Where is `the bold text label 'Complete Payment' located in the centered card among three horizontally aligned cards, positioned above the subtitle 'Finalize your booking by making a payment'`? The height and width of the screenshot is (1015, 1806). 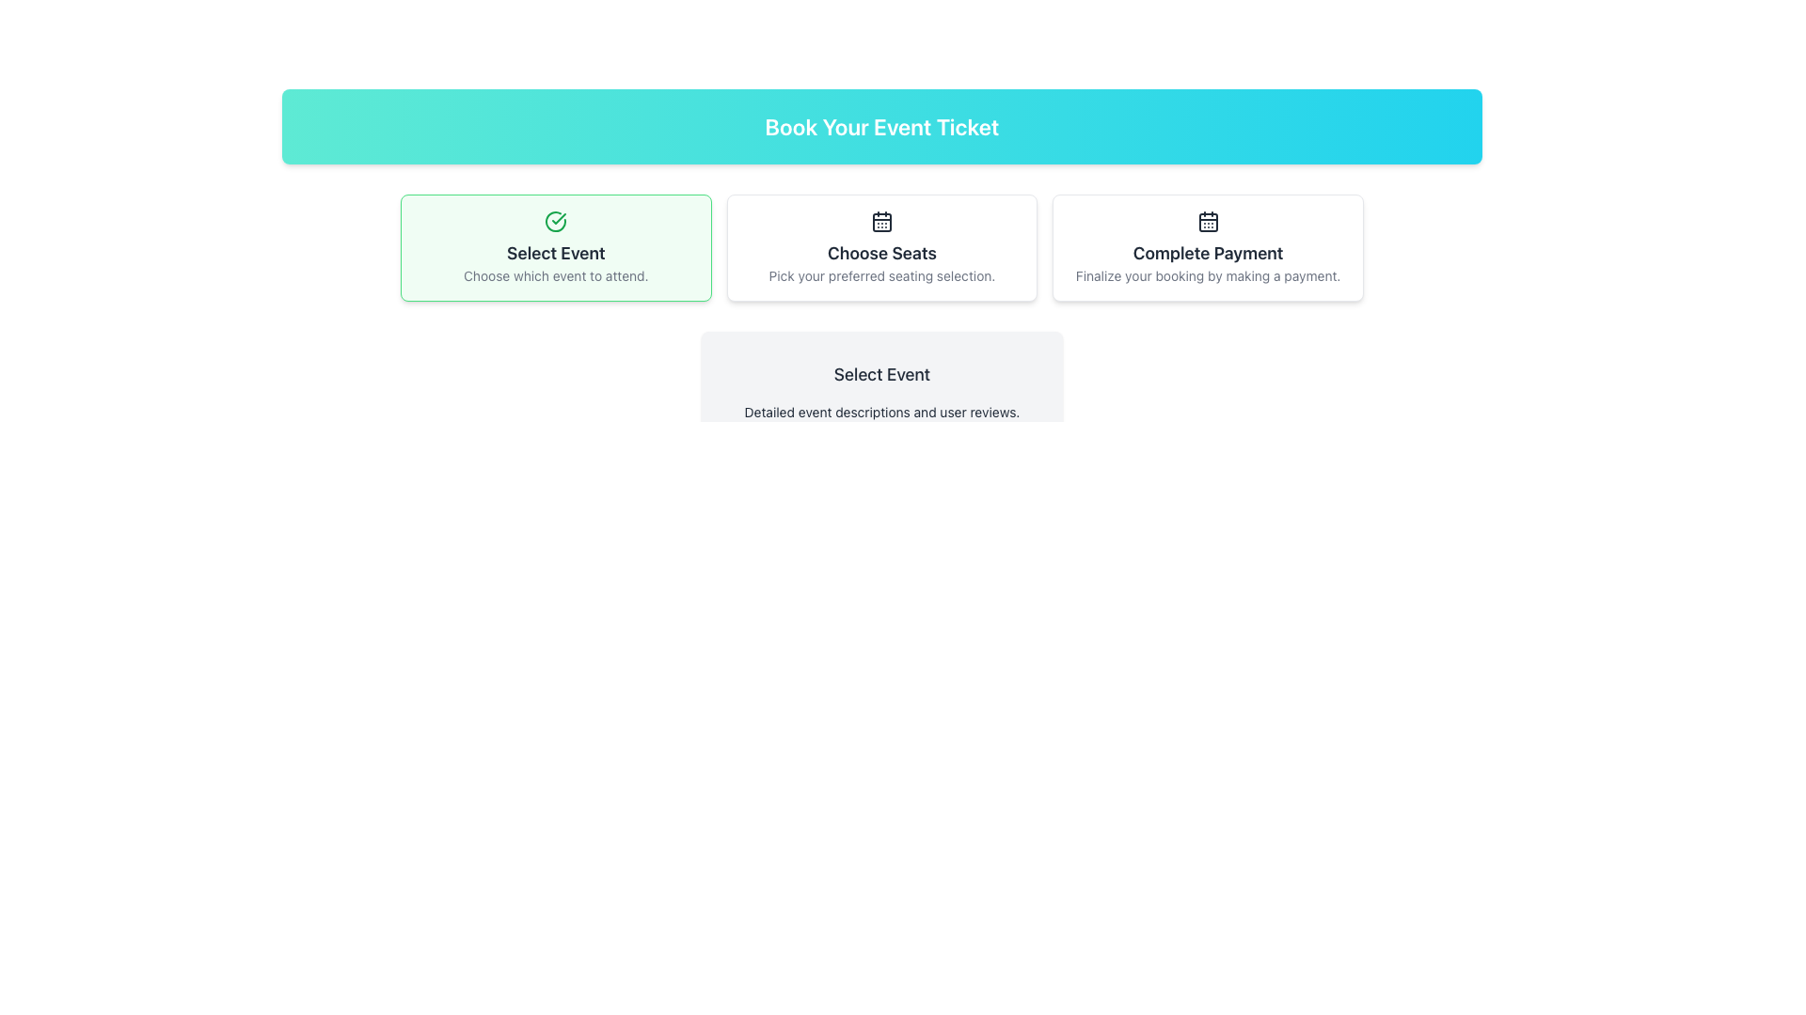
the bold text label 'Complete Payment' located in the centered card among three horizontally aligned cards, positioned above the subtitle 'Finalize your booking by making a payment' is located at coordinates (1208, 254).